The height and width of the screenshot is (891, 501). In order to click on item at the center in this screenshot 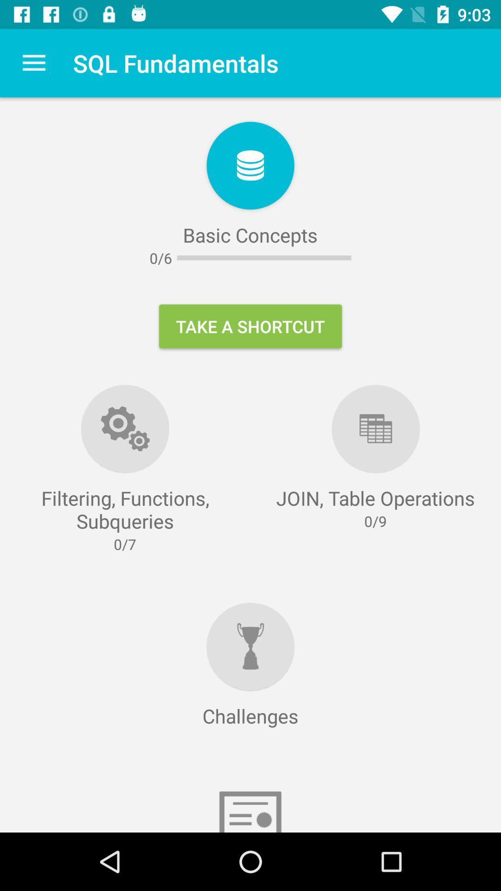, I will do `click(250, 326)`.